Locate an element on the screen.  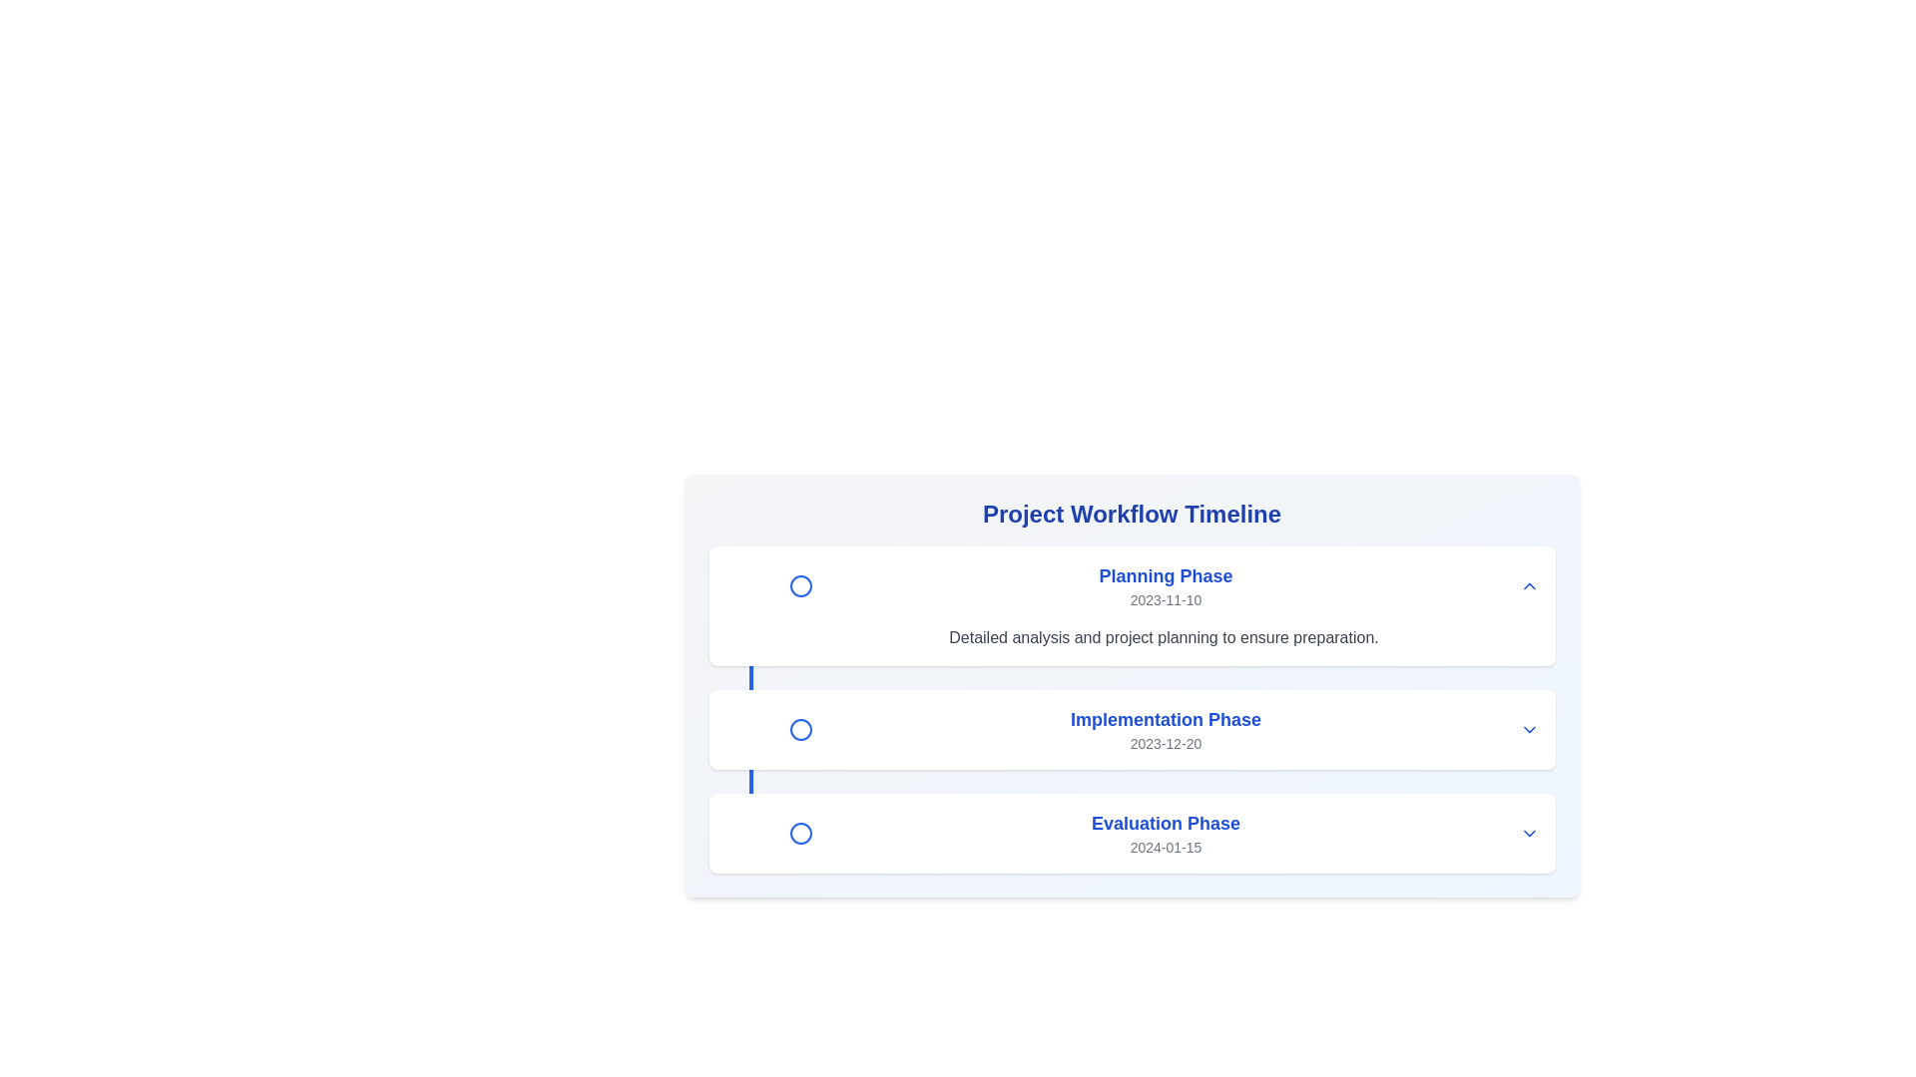
the downward pointing chevron icon styled in blue located on the far right of the 'Implementation Phase' section in the project workflow timeline is located at coordinates (1528, 730).